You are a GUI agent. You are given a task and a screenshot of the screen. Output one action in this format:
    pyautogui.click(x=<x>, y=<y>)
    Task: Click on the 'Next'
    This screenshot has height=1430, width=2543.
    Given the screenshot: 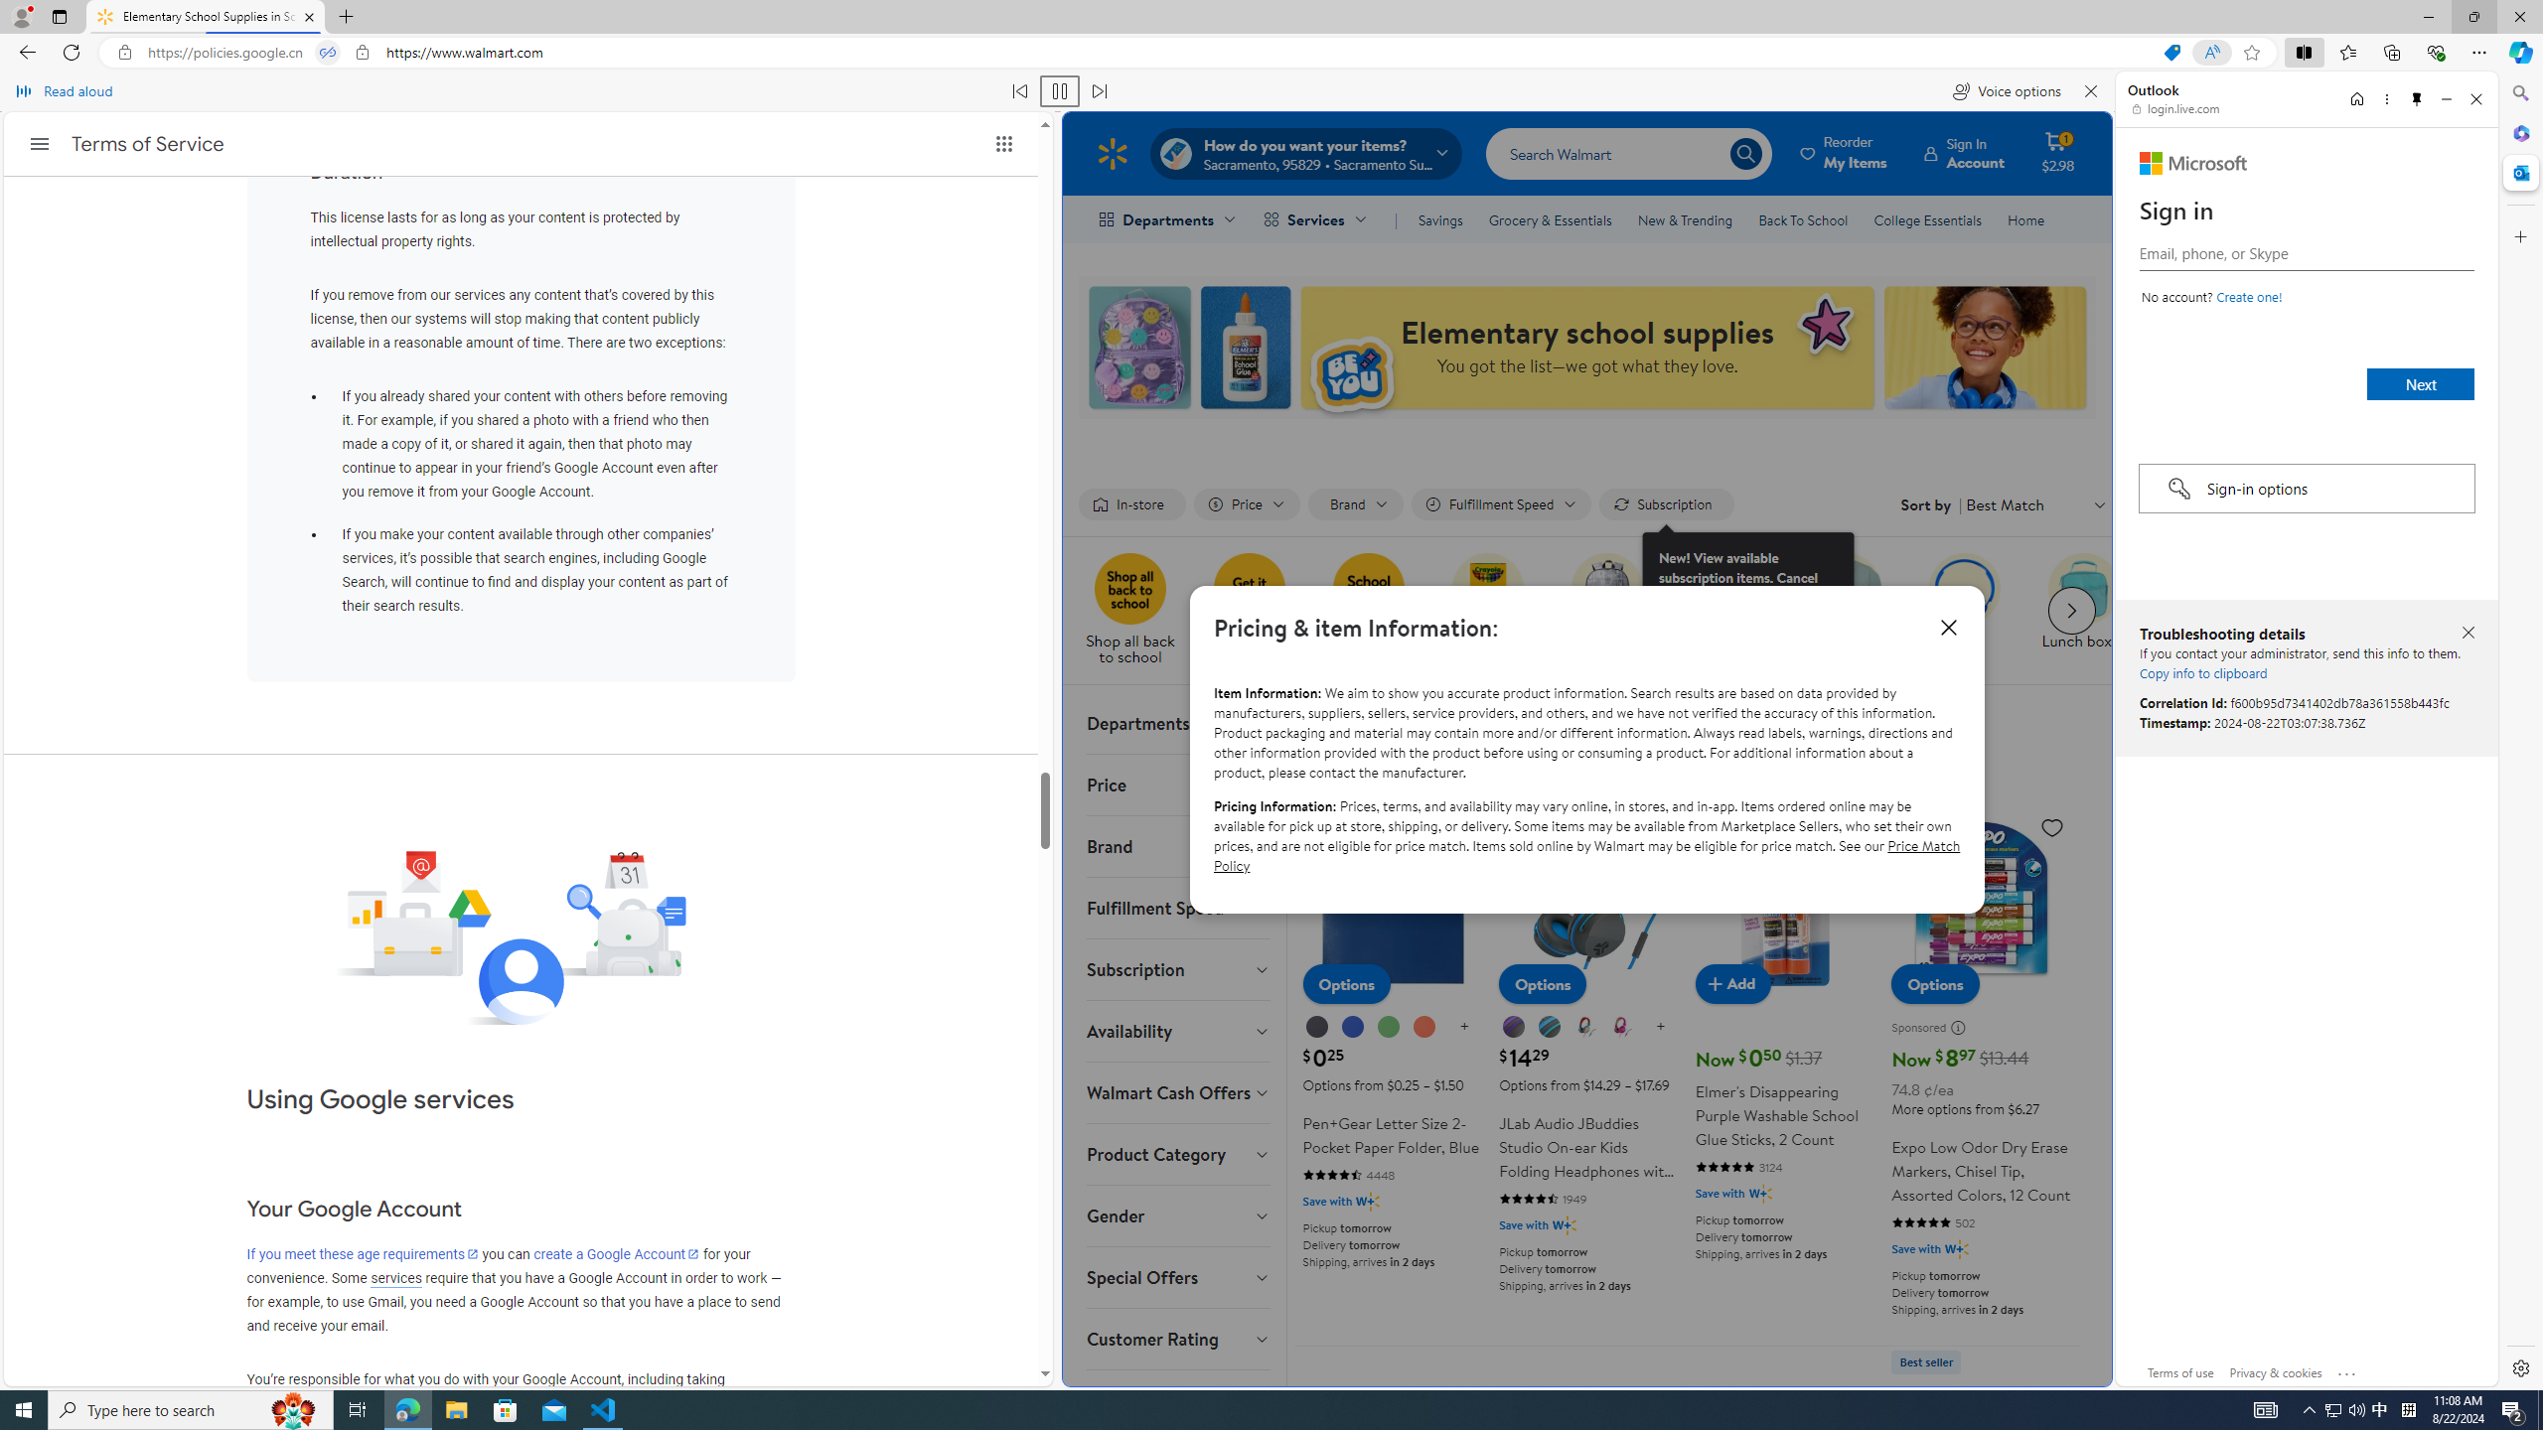 What is the action you would take?
    pyautogui.click(x=2421, y=383)
    